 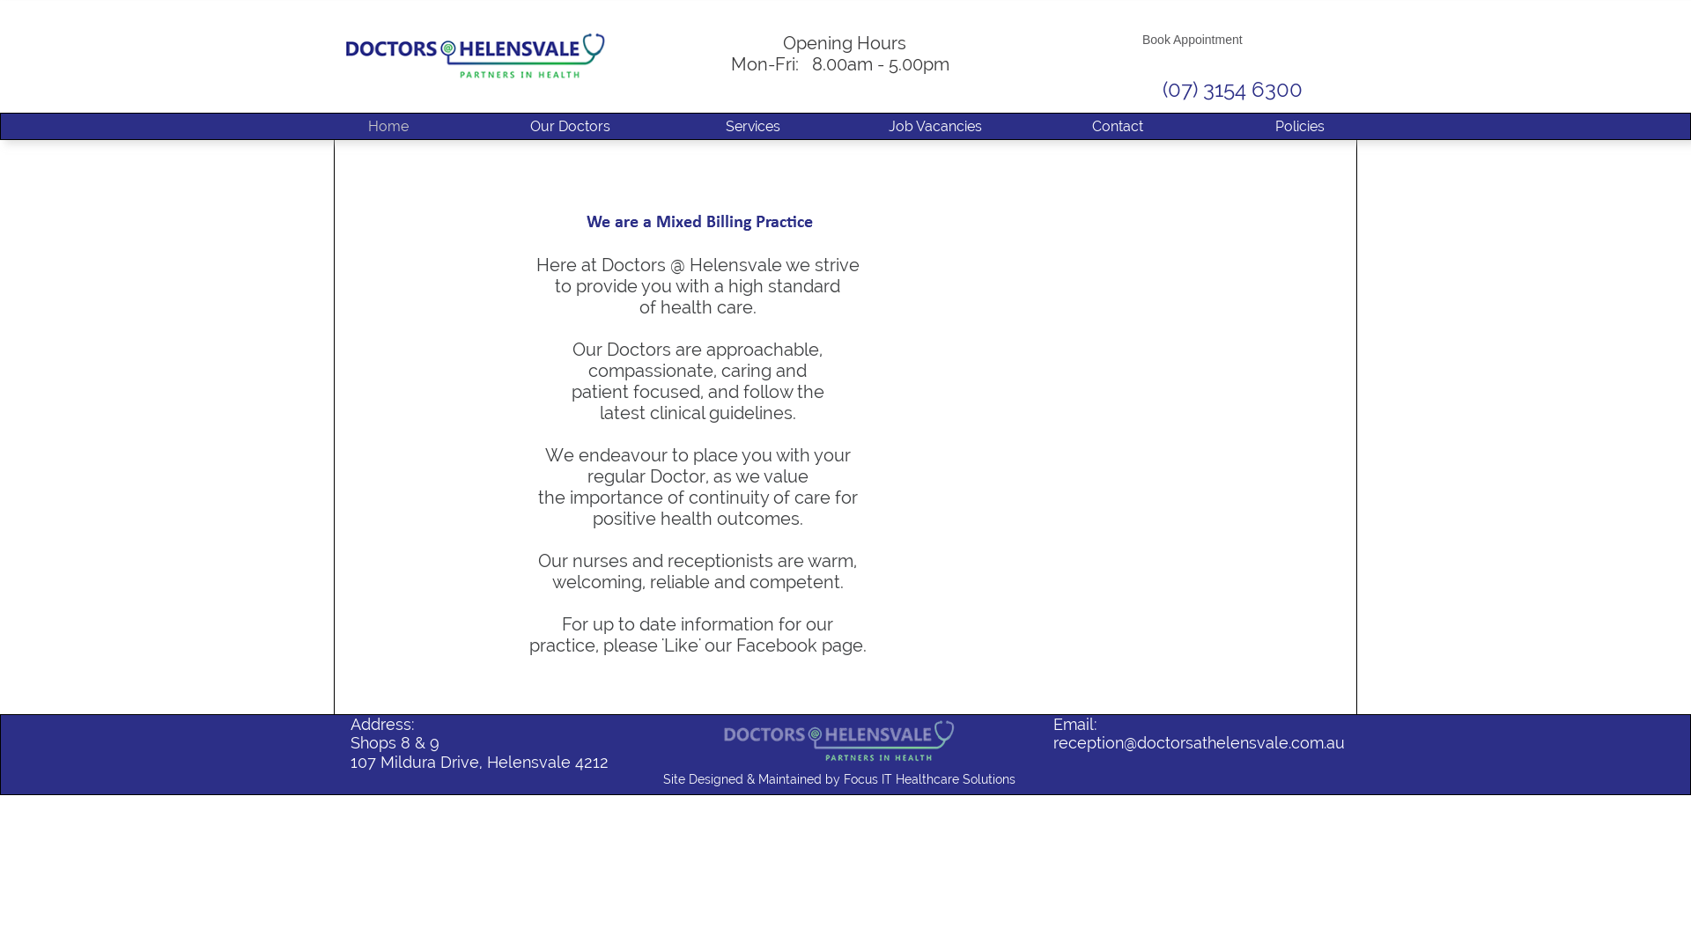 I want to click on 'Home', so click(x=388, y=125).